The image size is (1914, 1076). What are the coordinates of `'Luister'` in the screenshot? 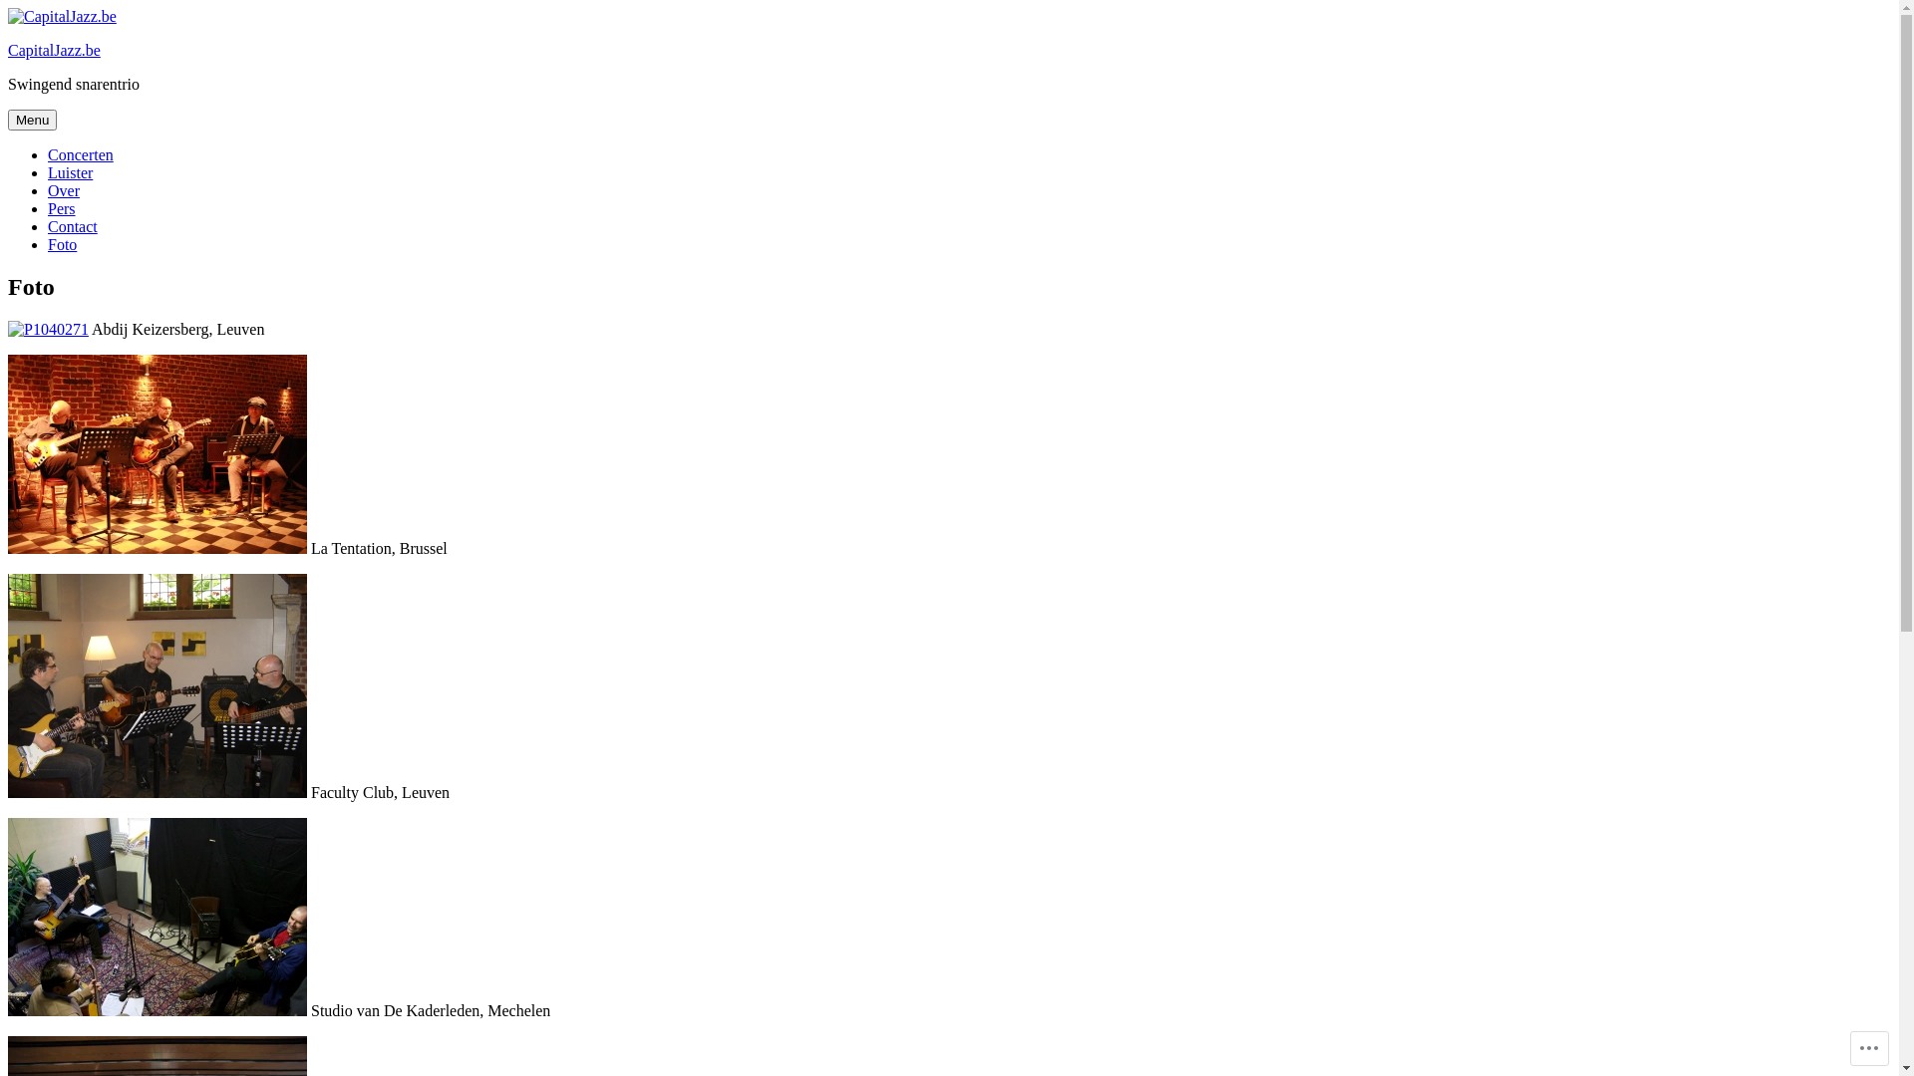 It's located at (70, 171).